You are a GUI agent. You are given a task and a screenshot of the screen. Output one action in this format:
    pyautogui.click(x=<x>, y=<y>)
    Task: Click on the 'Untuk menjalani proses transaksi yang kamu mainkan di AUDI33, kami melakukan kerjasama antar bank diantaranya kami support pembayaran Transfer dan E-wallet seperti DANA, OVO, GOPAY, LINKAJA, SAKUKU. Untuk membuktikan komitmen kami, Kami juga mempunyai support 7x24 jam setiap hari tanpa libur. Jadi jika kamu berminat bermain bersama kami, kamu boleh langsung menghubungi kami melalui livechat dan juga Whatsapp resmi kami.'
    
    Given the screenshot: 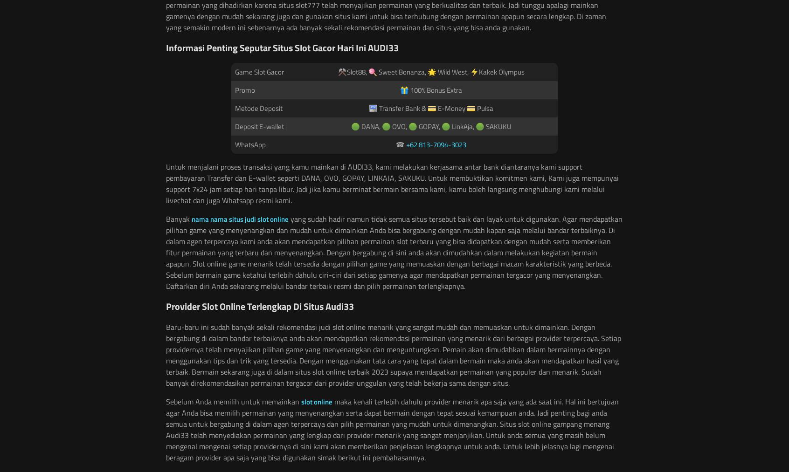 What is the action you would take?
    pyautogui.click(x=166, y=183)
    